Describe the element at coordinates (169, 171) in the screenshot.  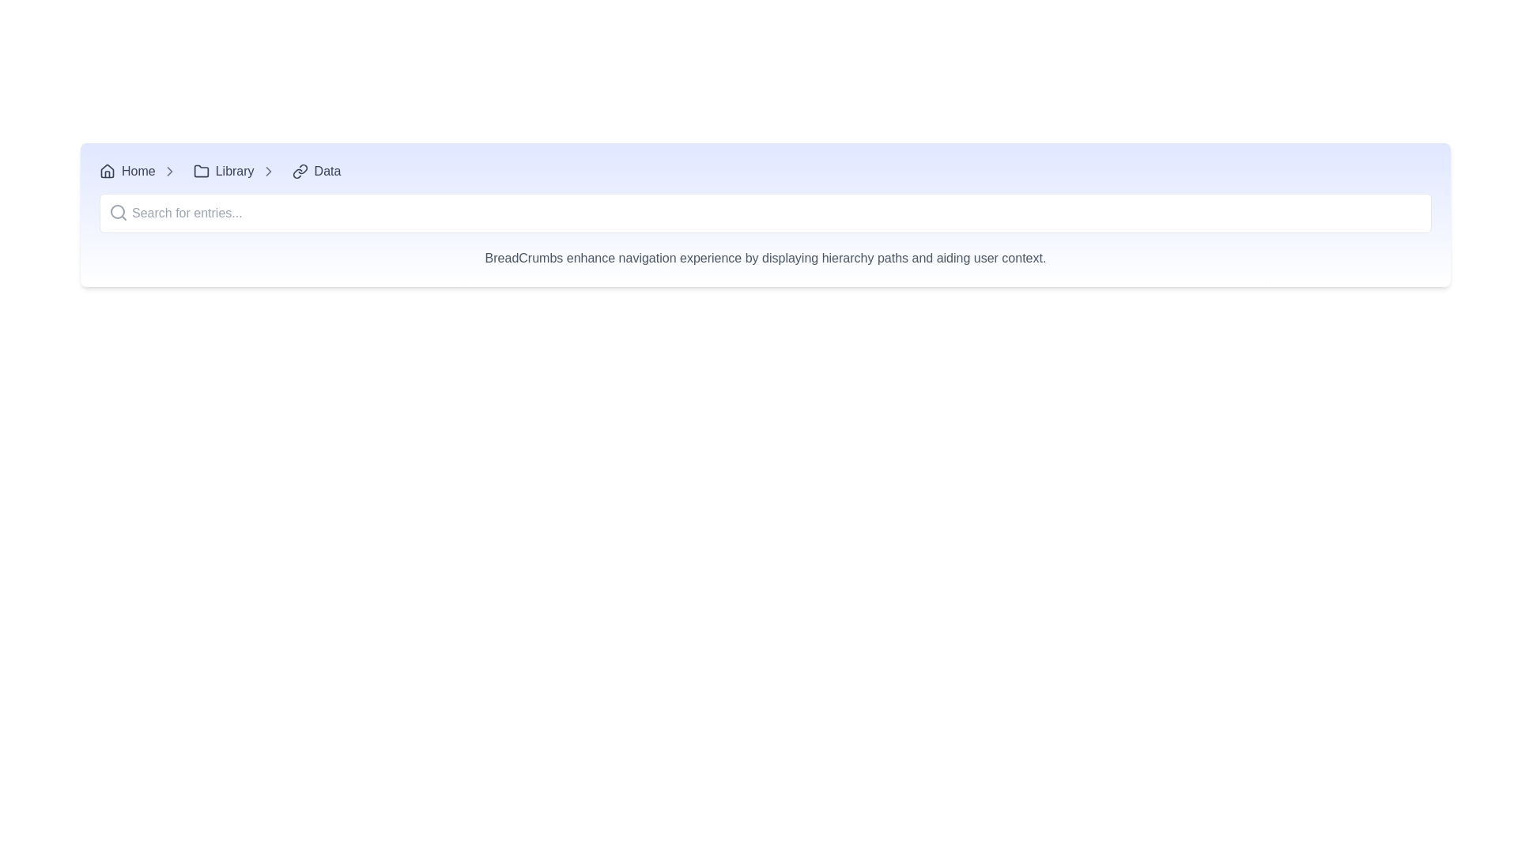
I see `the right-facing chevron icon in the breadcrumb navigation bar, which is styled in gray and serves as a separator between 'Library' and 'Data'` at that location.